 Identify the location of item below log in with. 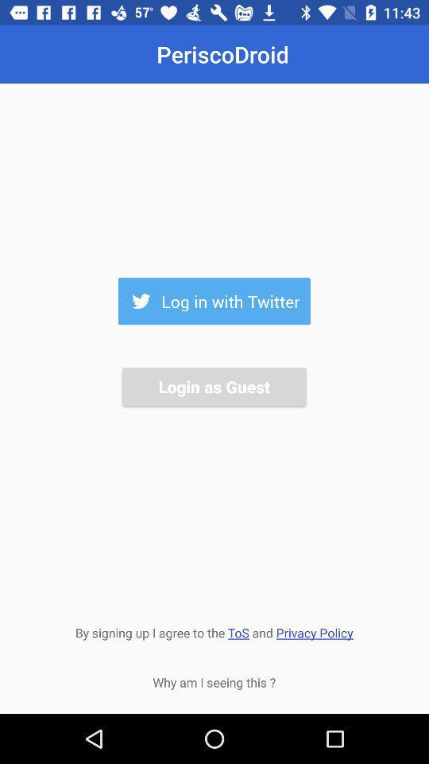
(214, 385).